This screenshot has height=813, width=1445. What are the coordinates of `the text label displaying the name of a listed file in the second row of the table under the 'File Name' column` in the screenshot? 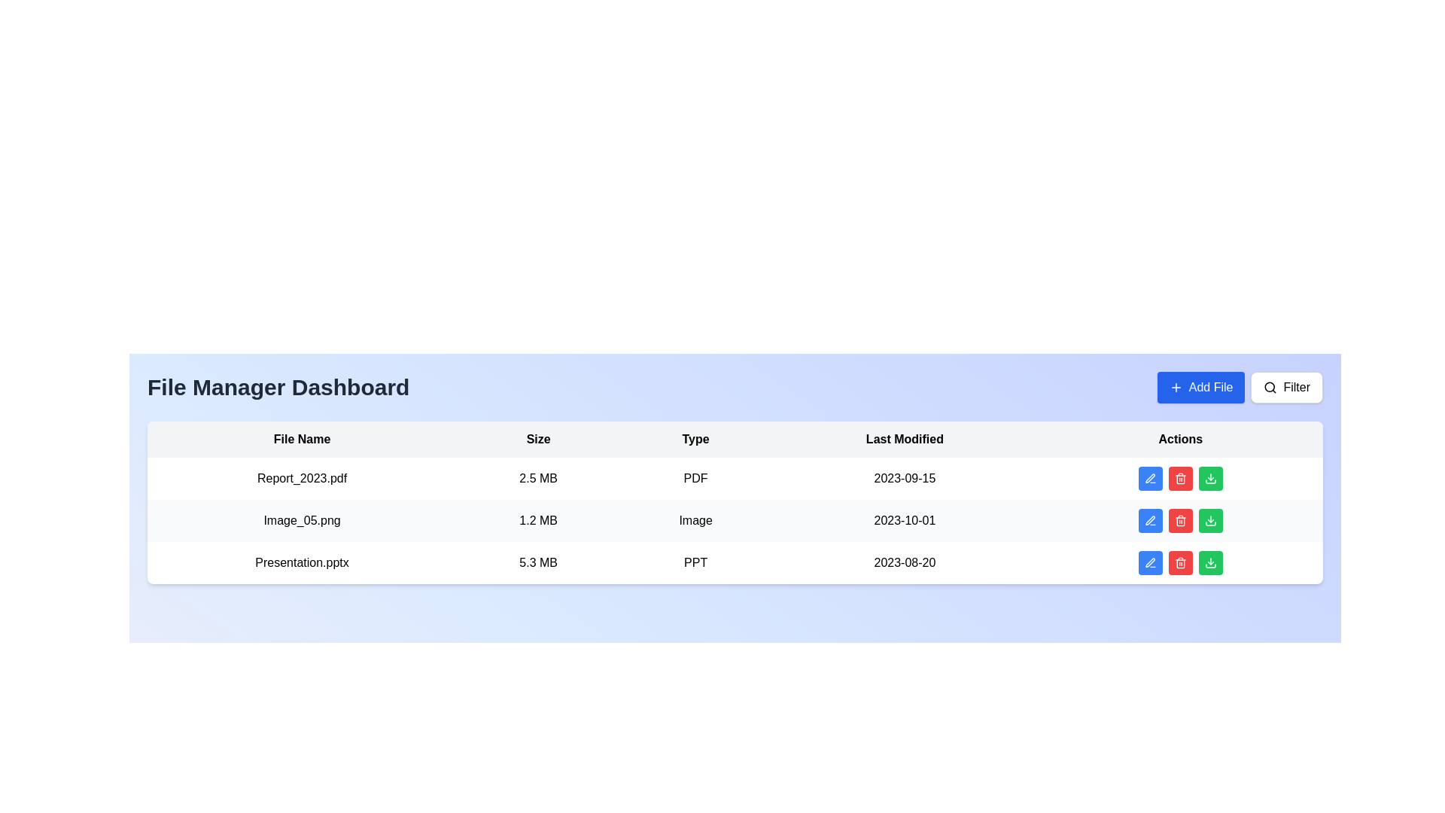 It's located at (301, 519).